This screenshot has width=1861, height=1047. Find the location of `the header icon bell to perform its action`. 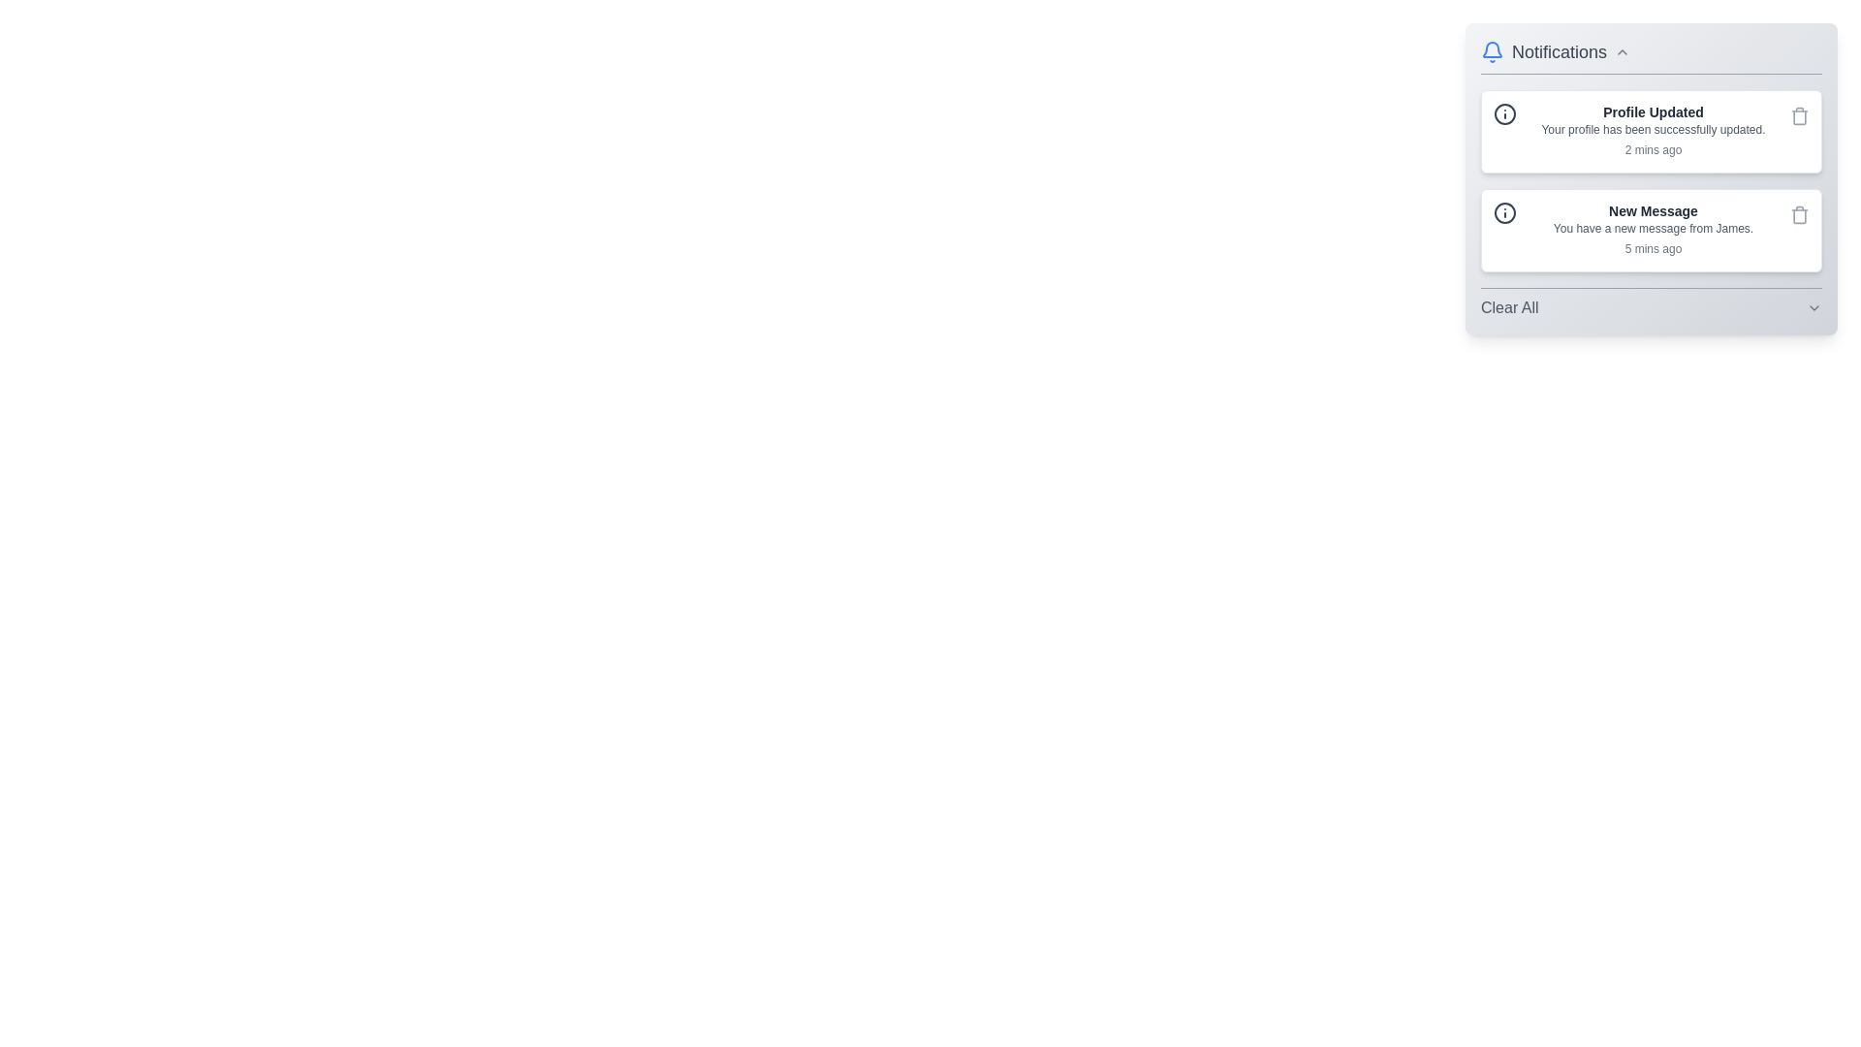

the header icon bell to perform its action is located at coordinates (1492, 51).